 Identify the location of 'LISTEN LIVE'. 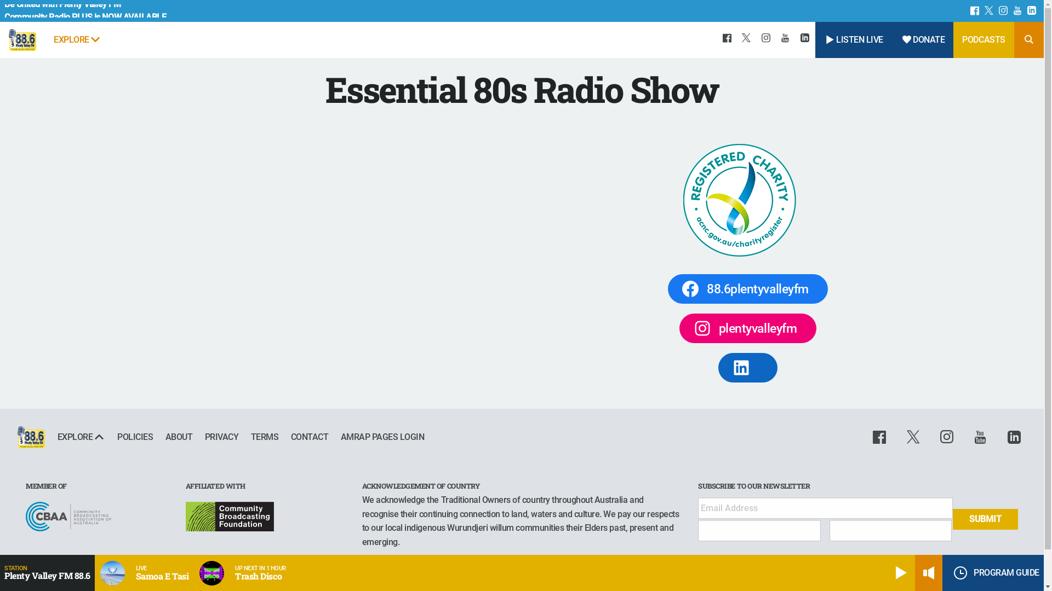
(815, 39).